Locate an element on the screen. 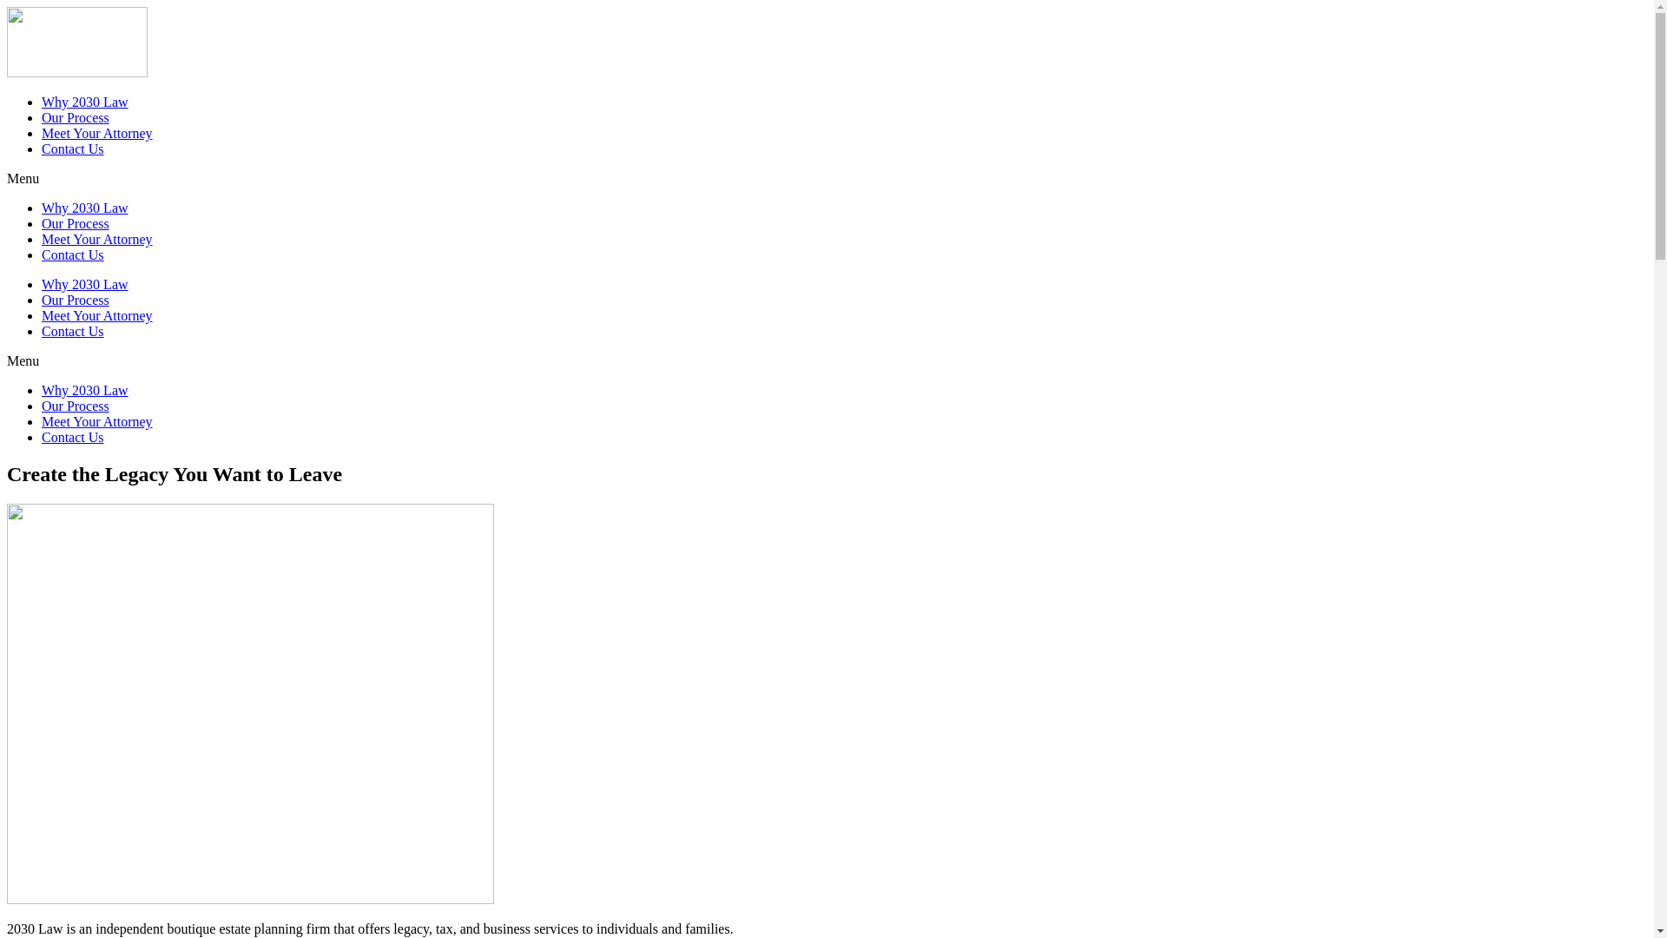 This screenshot has width=1667, height=938. 'Contact Us' is located at coordinates (71, 148).